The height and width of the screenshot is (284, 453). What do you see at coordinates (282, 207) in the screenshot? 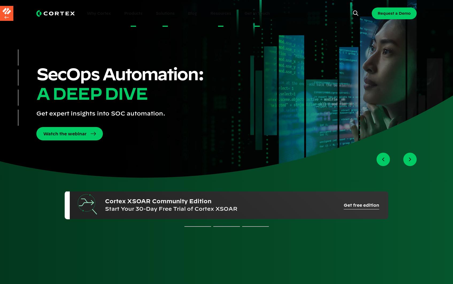
I see `'Head of Cyber Security Prevention and Transformation,'` at bounding box center [282, 207].